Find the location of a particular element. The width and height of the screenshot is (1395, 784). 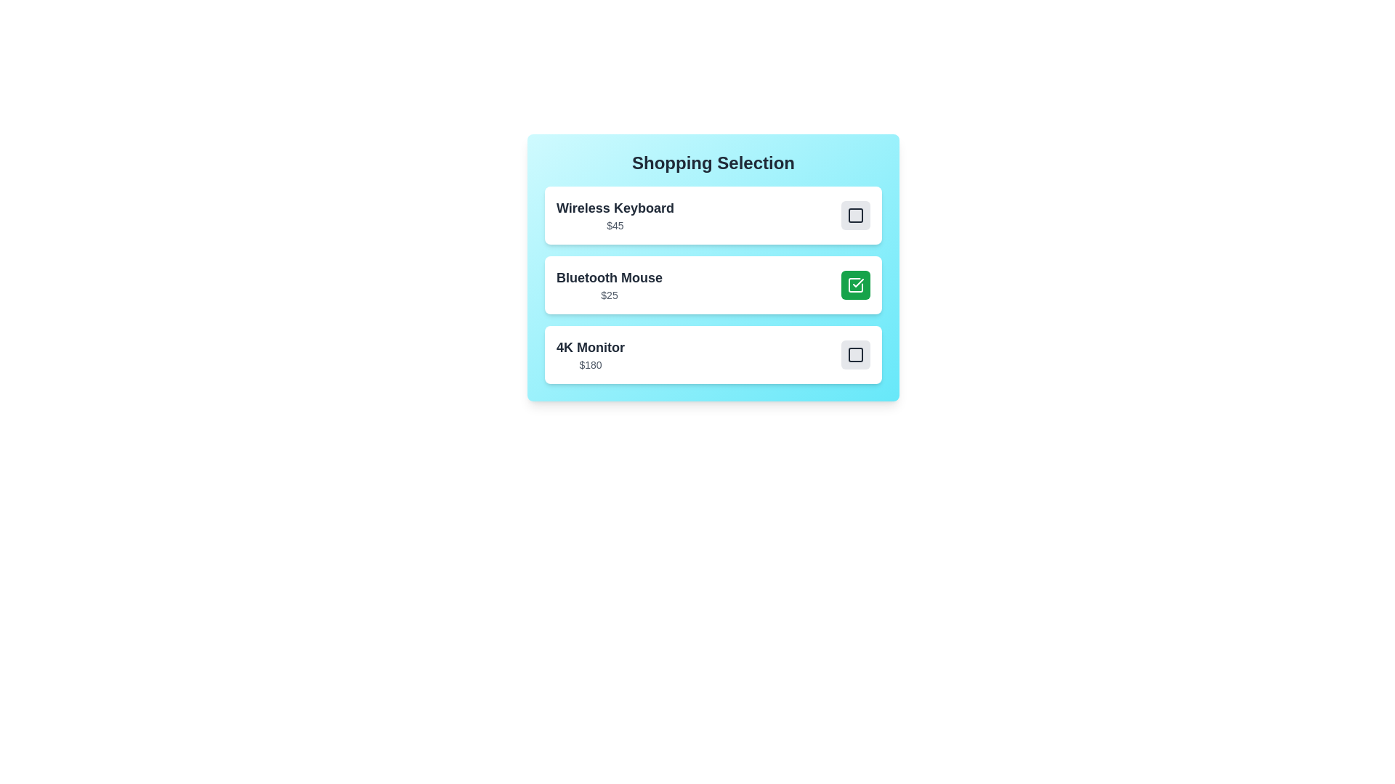

the green confirmation button located to the right of the second product in the Shopping Selection panel to confirm the selection is located at coordinates (713, 268).